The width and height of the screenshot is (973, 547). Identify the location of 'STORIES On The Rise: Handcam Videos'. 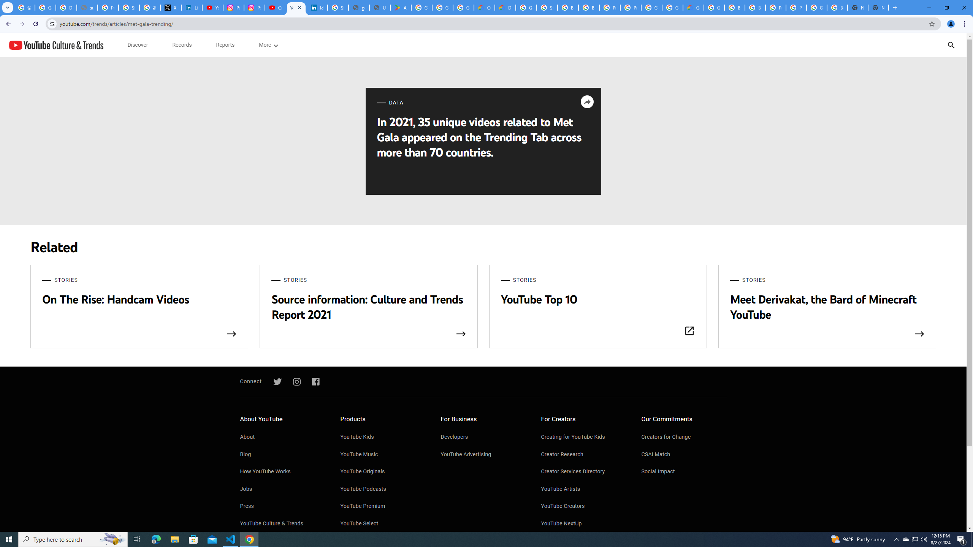
(139, 307).